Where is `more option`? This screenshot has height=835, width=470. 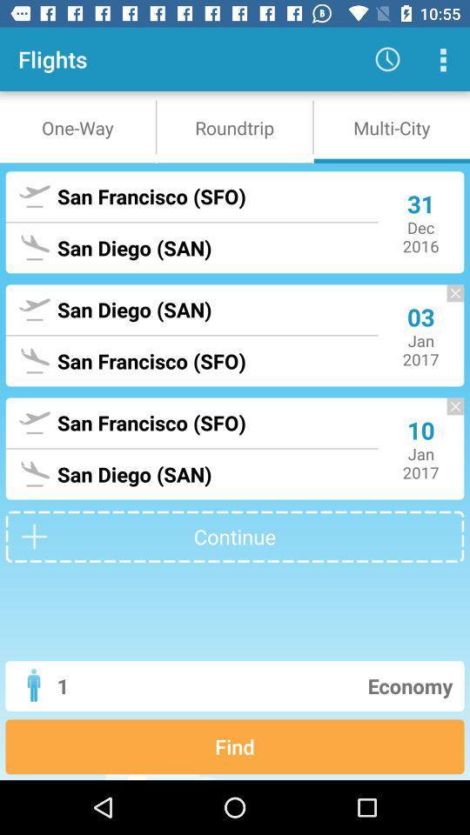
more option is located at coordinates (442, 59).